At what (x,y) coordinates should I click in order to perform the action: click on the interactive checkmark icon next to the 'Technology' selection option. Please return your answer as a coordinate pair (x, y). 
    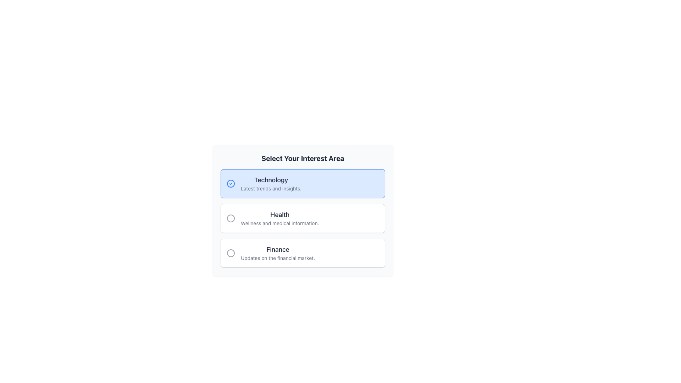
    Looking at the image, I should click on (231, 183).